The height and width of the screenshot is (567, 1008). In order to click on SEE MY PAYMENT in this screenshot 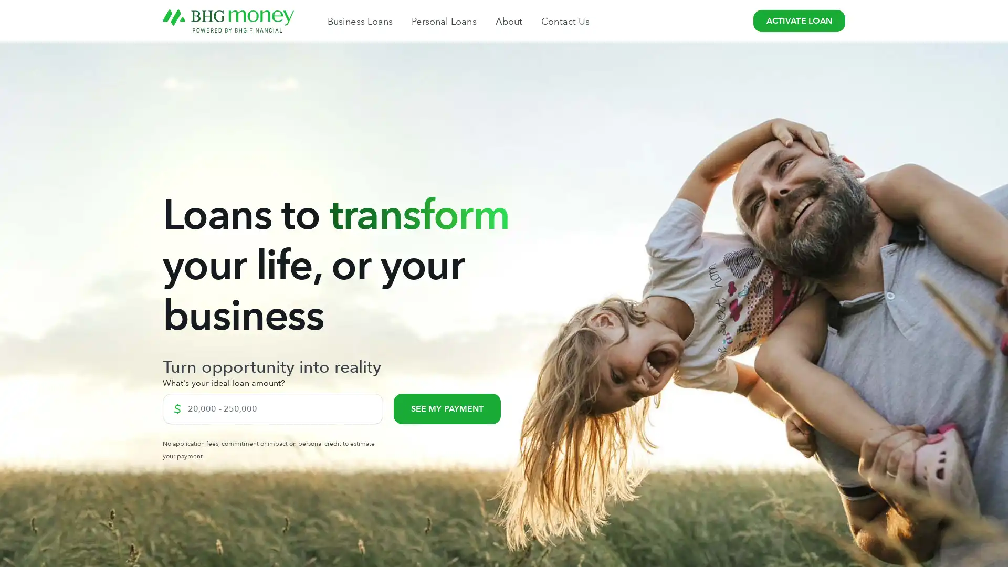, I will do `click(447, 408)`.